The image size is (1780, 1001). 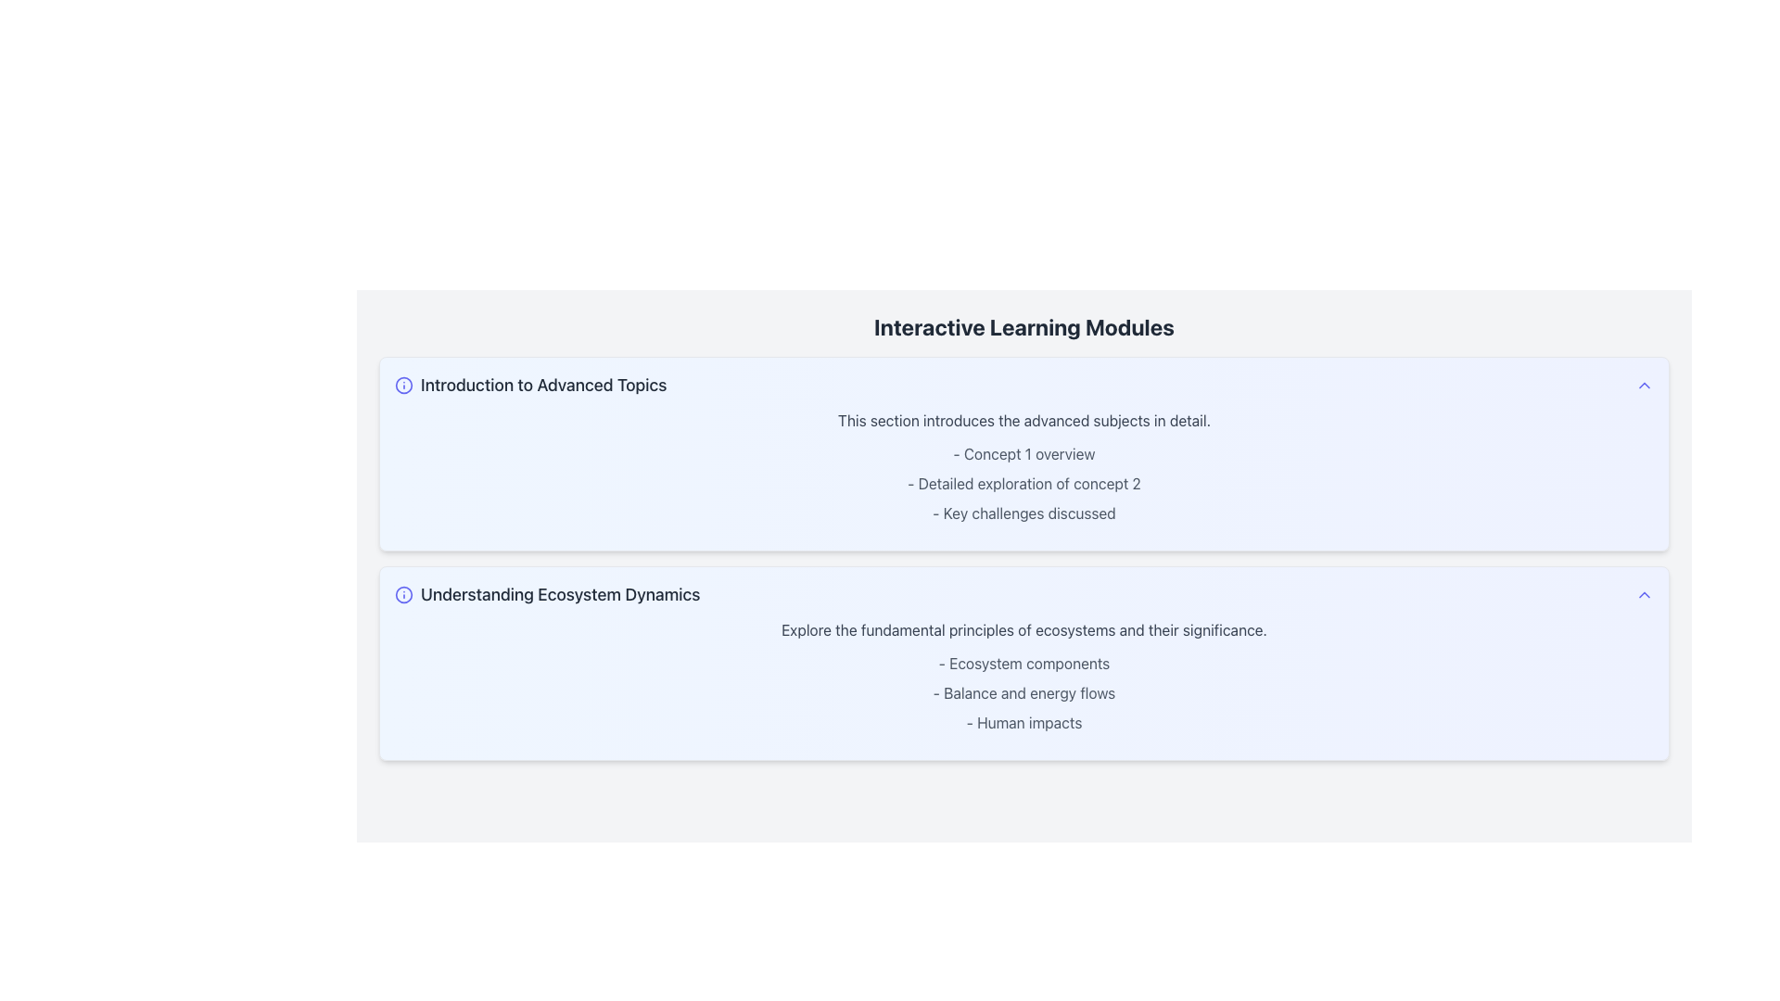 I want to click on the text list that describes aspects of ecosystems, which includes bullet points for 'Ecosystem components', 'Balance and energy flows', and 'Human impacts'. This list is located below the section titled 'Understanding Ecosystem Dynamics', so click(x=1023, y=693).